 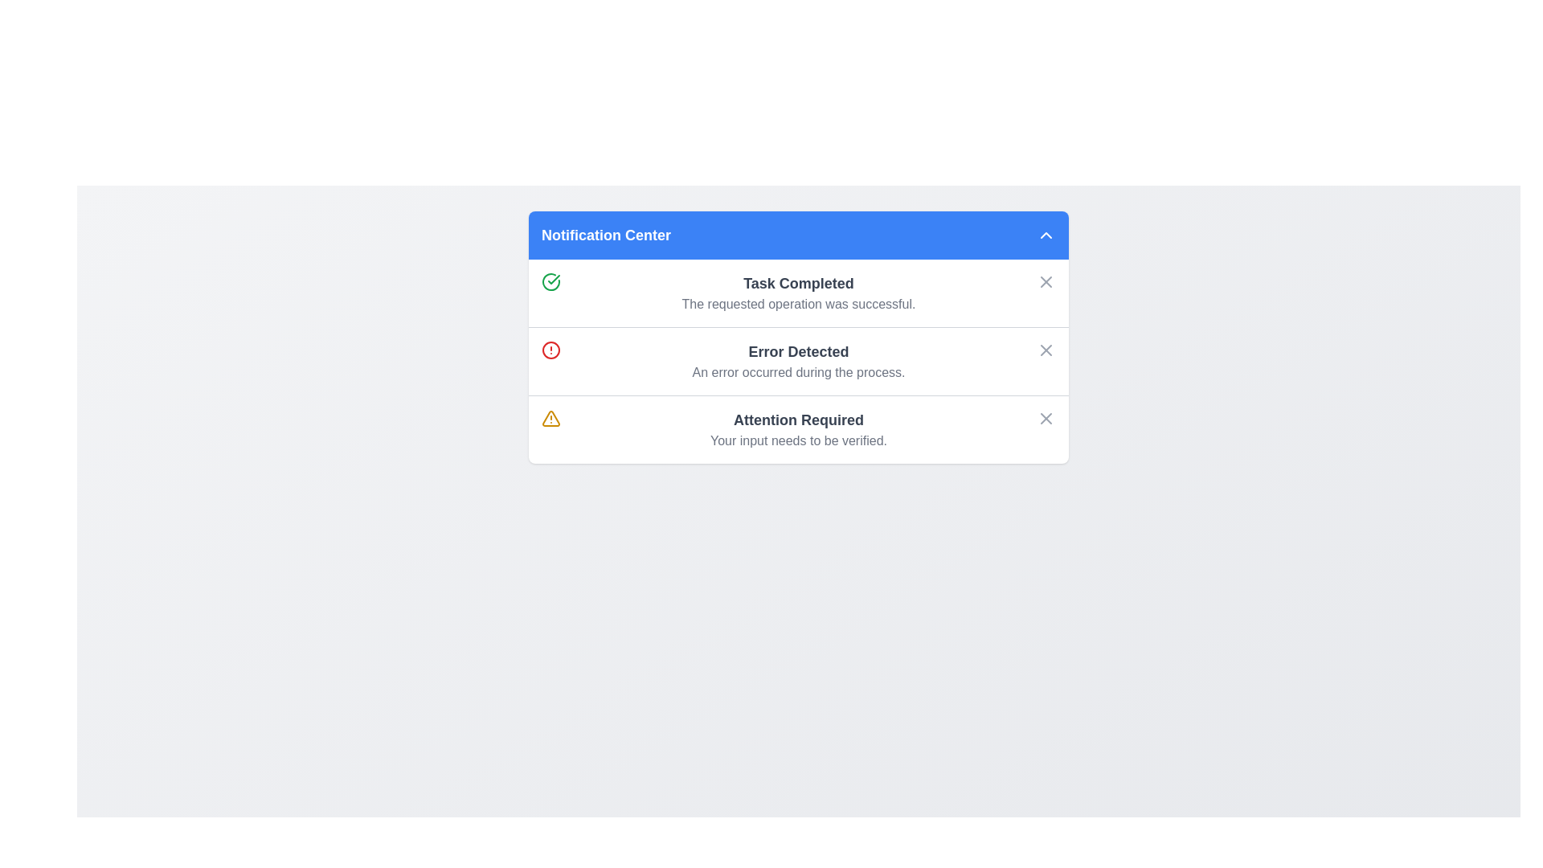 What do you see at coordinates (1046, 417) in the screenshot?
I see `the close button with a small 'X' icon located on the far right side of the notification titled 'Attention Required'` at bounding box center [1046, 417].